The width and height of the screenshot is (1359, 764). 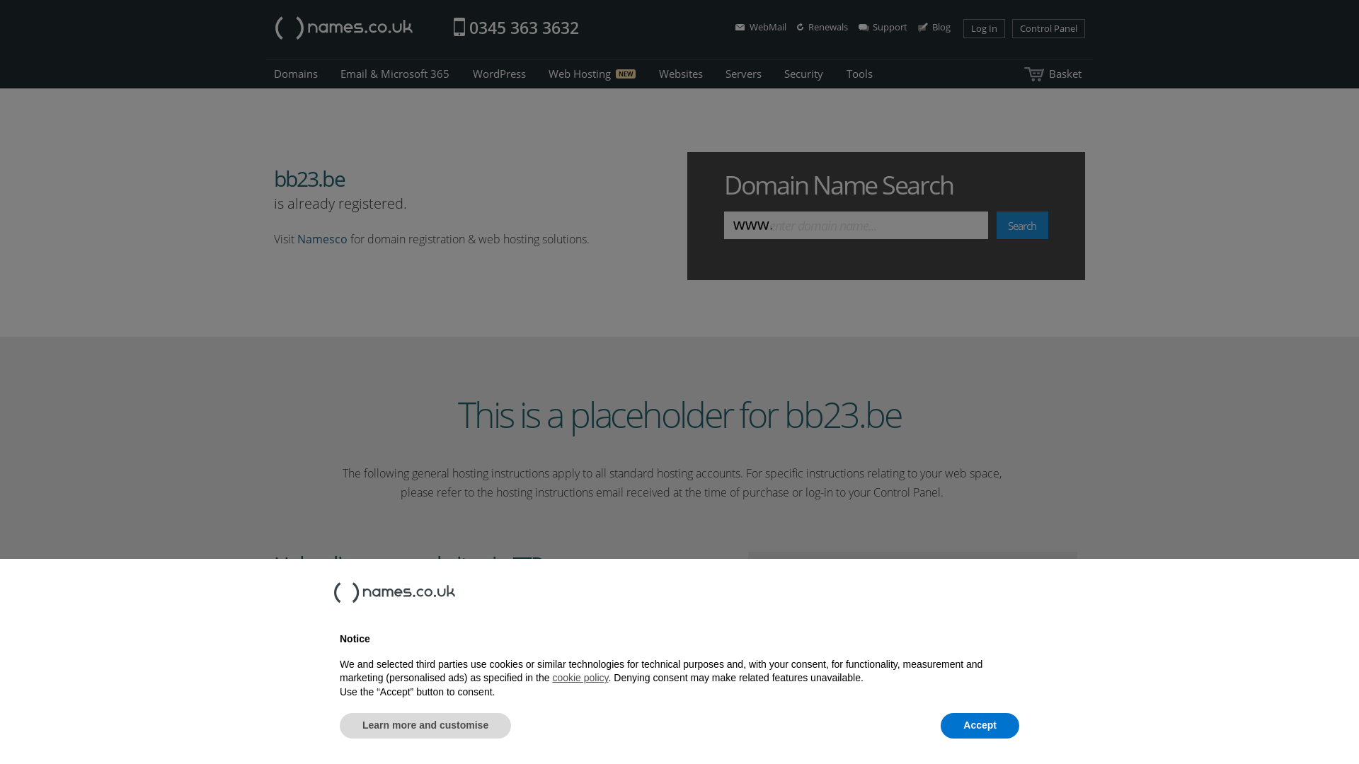 I want to click on 'Control Panel', so click(x=1011, y=28).